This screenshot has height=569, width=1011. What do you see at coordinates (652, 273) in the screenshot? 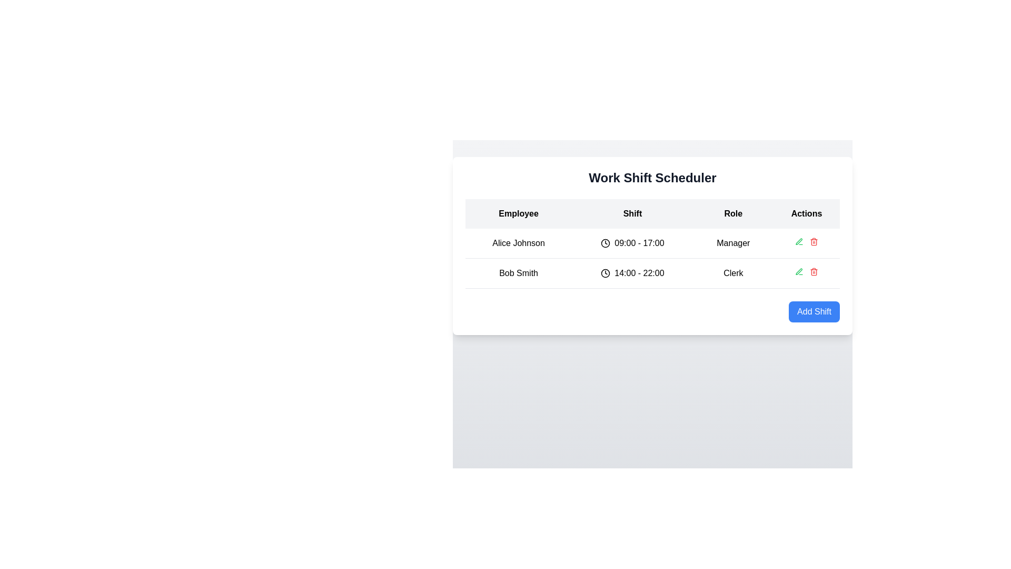
I see `the second row of the 'Work Shift Scheduler' table, which displays work shift details for an employee` at bounding box center [652, 273].